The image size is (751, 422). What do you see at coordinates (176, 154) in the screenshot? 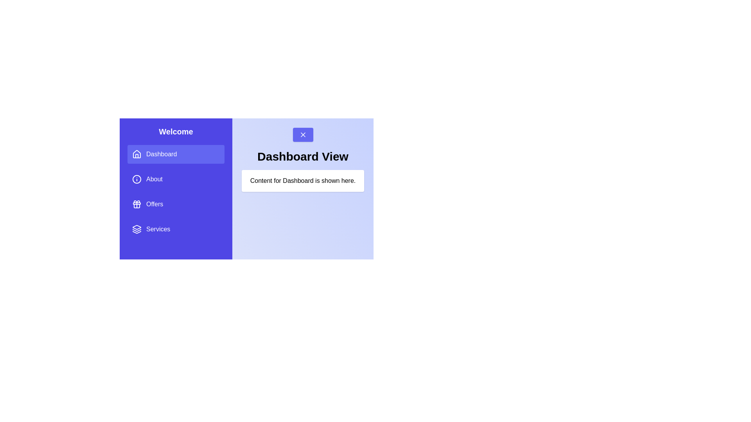
I see `the menu item Dashboard to observe the hover effect` at bounding box center [176, 154].